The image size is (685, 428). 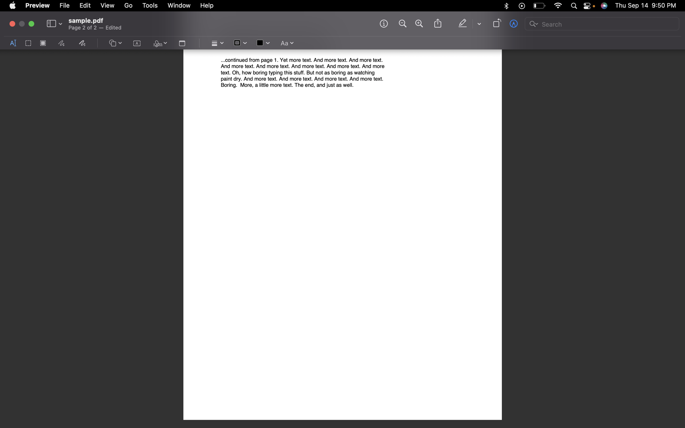 What do you see at coordinates (43, 43) in the screenshot?
I see `Redact the selected text` at bounding box center [43, 43].